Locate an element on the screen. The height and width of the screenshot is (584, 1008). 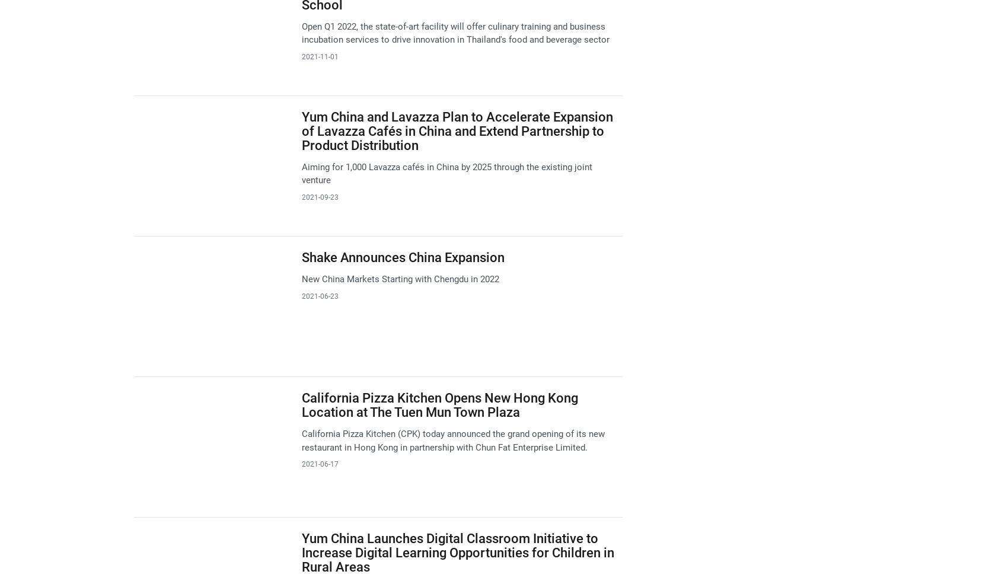
'California Pizza Kitchen (CPK) today announced the grand opening of its new restaurant in Hong Kong in partnership with Chun Fat Enterprise Limited.' is located at coordinates (452, 440).